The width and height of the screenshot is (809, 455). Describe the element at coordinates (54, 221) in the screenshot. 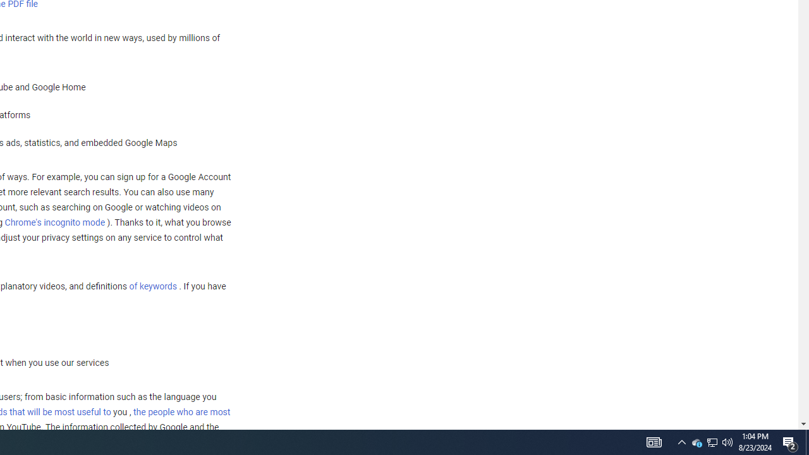

I see `'Chrome'` at that location.